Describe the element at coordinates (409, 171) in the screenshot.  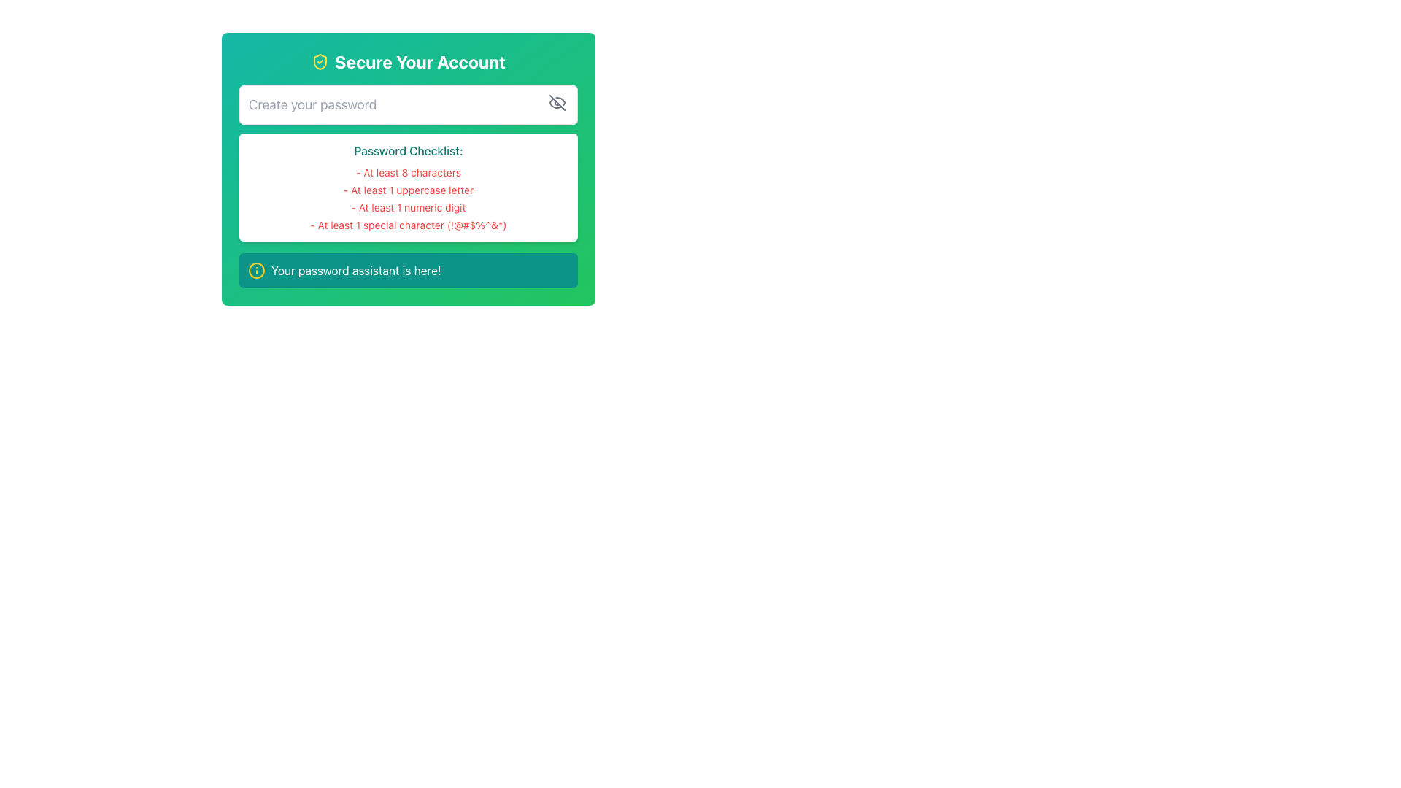
I see `text label that informs the user about the password requirement of at least 8 characters, positioned below the 'Password Checklist:' header` at that location.